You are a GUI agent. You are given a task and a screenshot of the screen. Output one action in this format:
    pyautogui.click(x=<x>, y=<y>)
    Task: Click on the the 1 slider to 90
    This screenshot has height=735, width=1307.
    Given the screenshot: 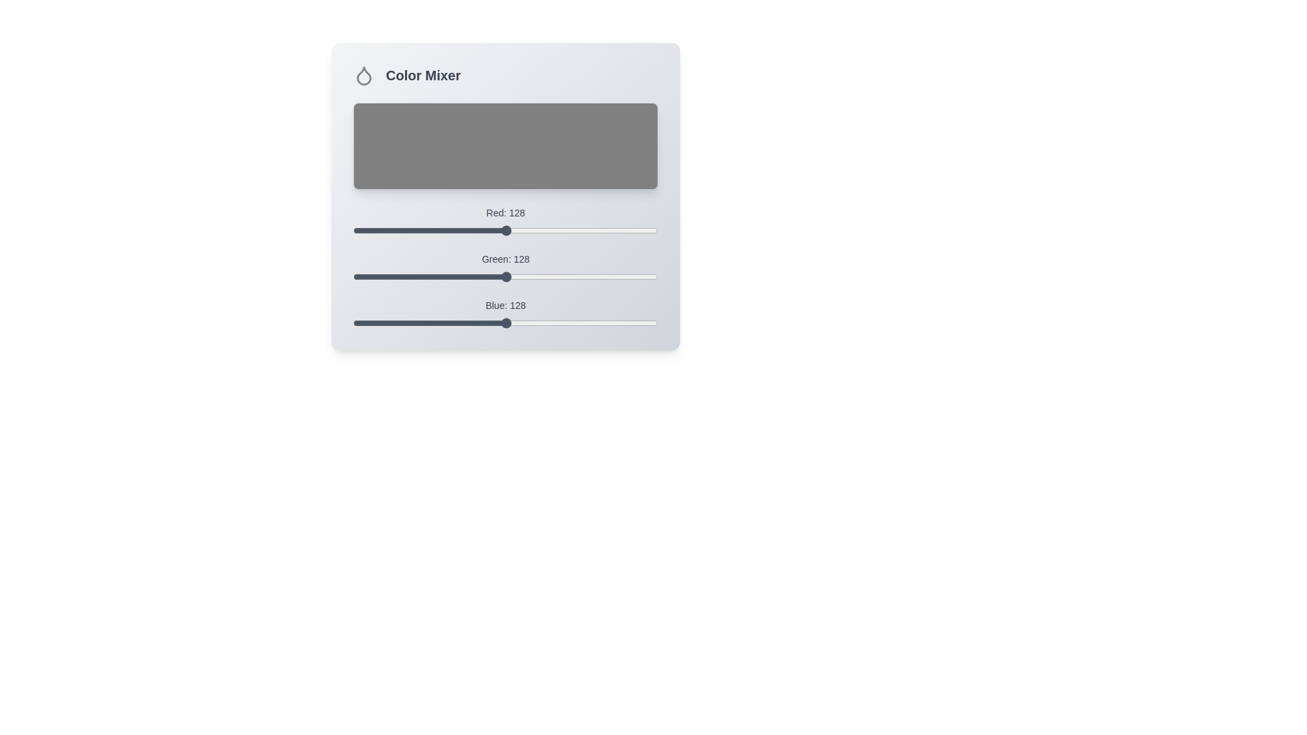 What is the action you would take?
    pyautogui.click(x=461, y=271)
    